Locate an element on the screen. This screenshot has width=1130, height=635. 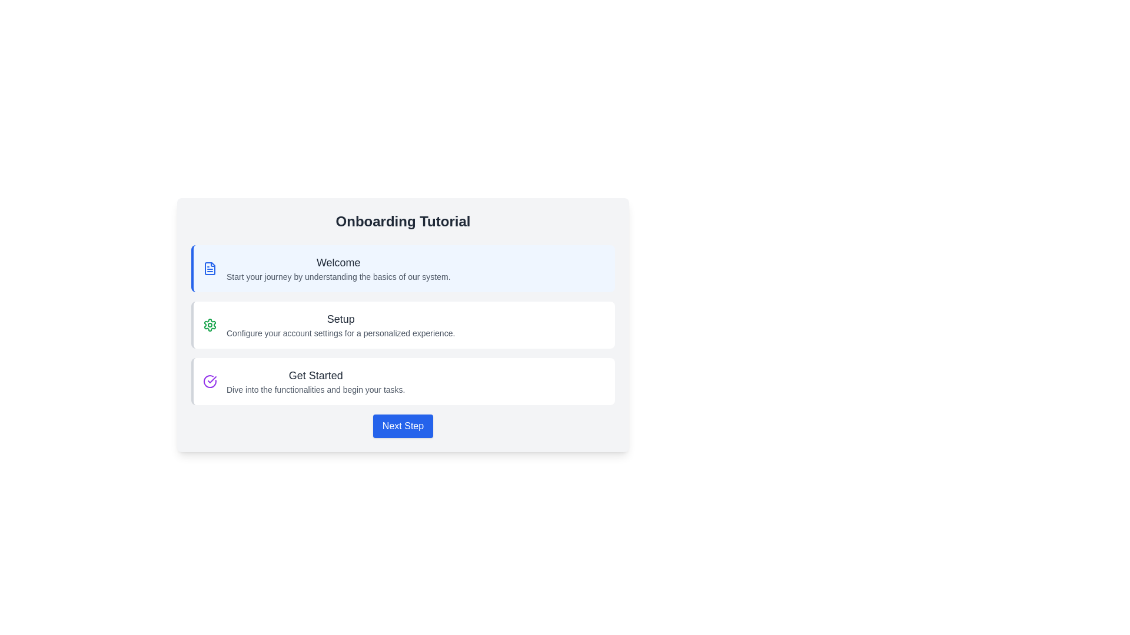
the text block that says 'Dive into the functionalities and begin your tasks.', styled in gray color, positioned below the 'Get Started' header is located at coordinates (315, 390).